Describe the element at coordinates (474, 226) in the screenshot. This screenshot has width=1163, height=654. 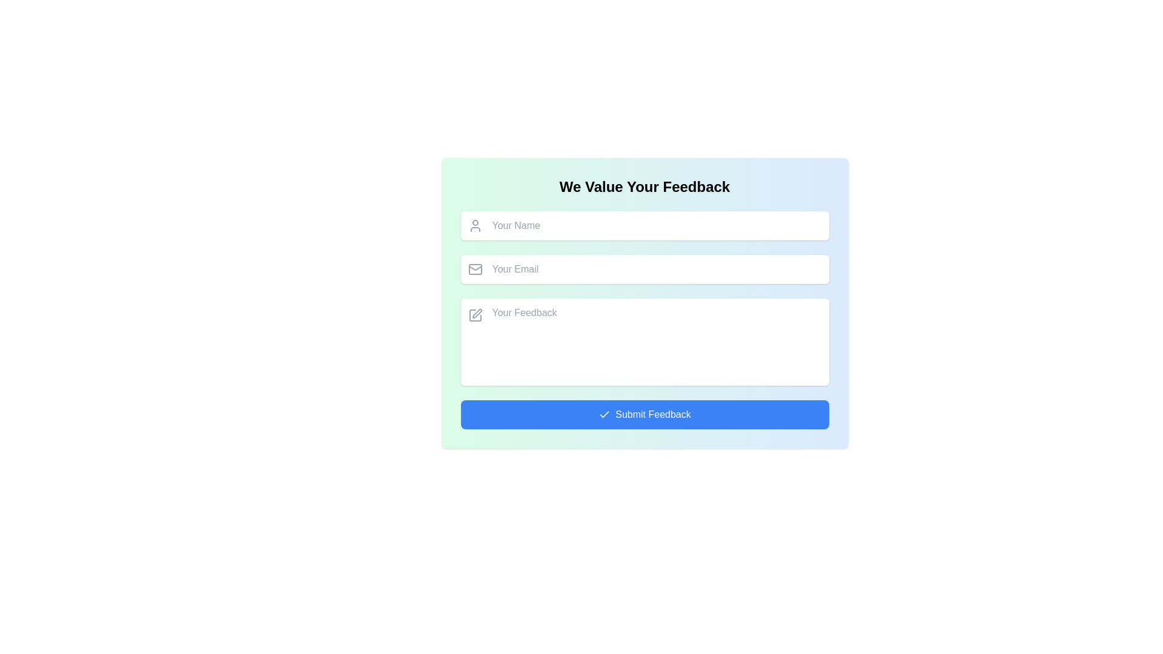
I see `the user avatar icon, which is styled in a simple line-drawing format and located next to the input field labeled 'Your Name'` at that location.